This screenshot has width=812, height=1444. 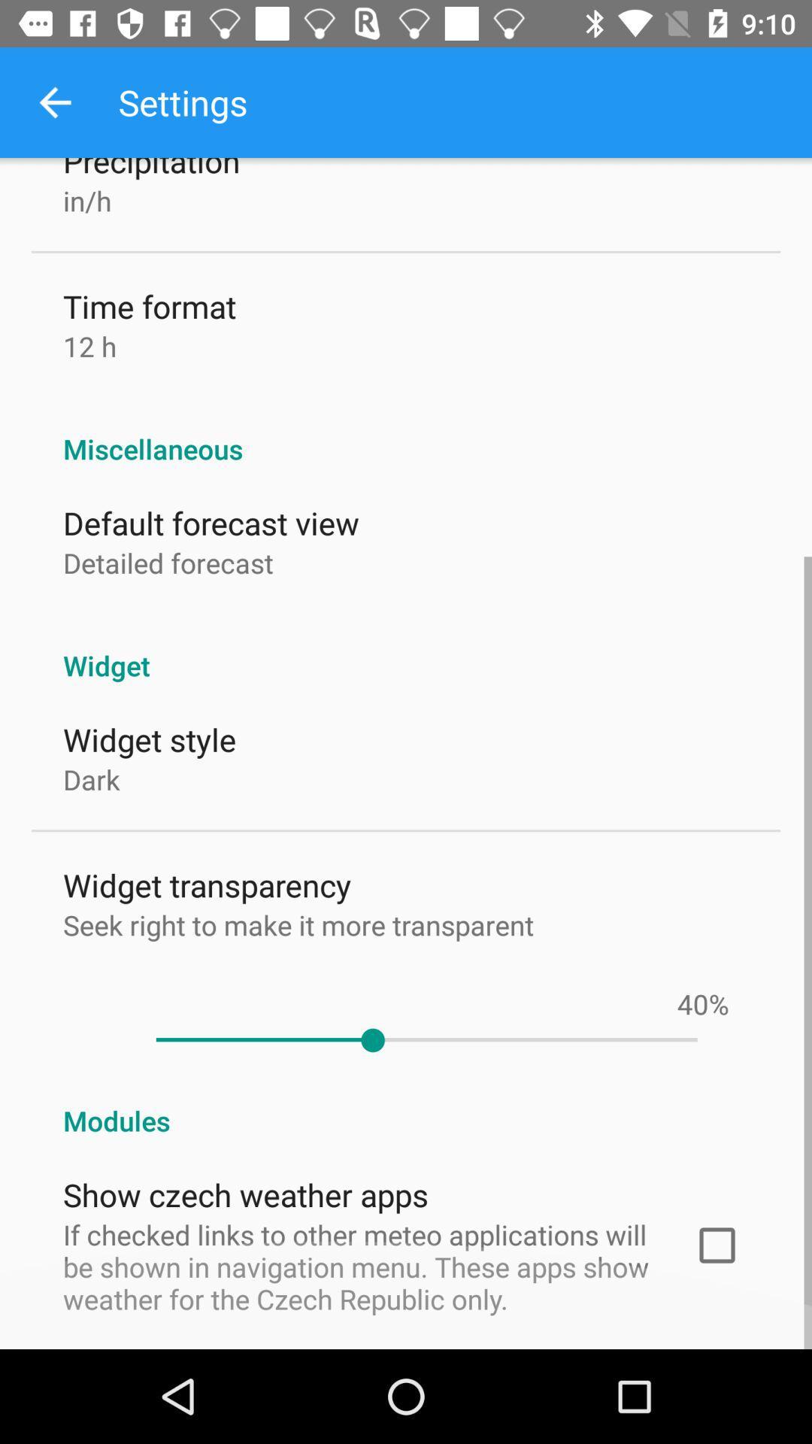 I want to click on default forecast view icon, so click(x=211, y=523).